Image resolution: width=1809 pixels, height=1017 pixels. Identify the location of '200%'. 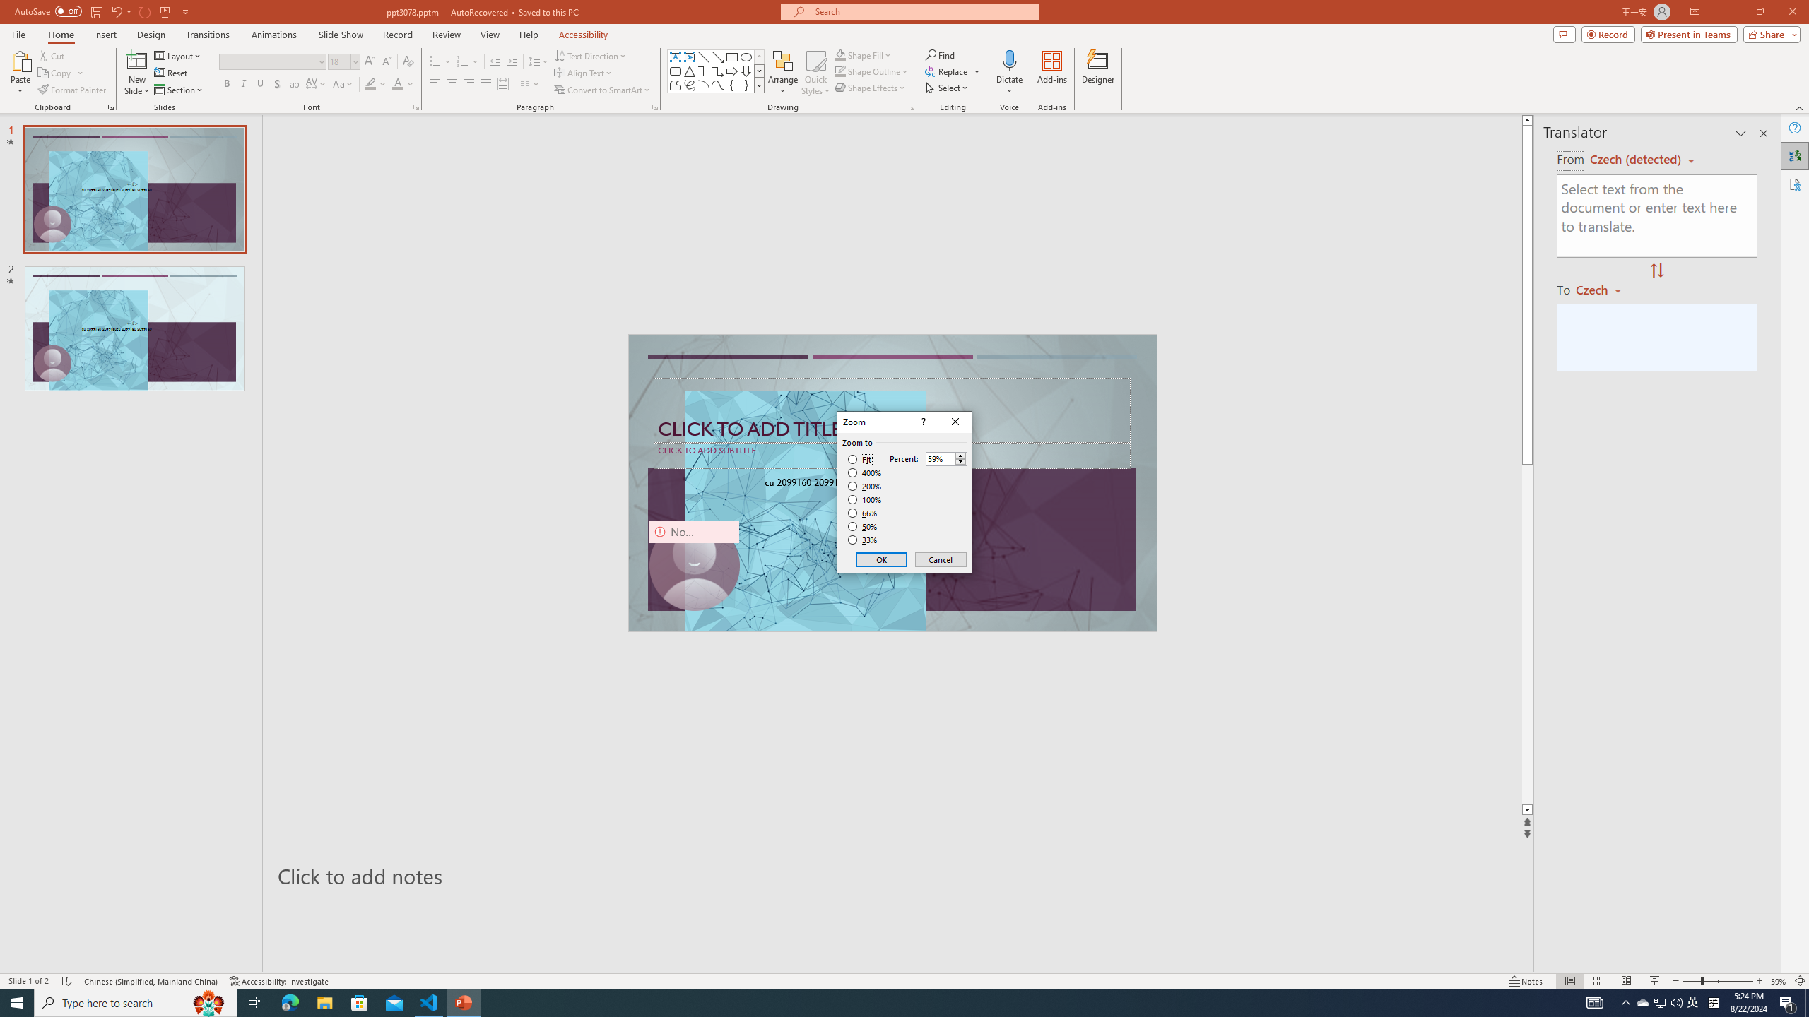
(864, 487).